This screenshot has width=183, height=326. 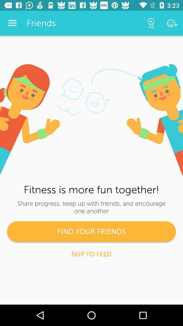 What do you see at coordinates (151, 23) in the screenshot?
I see `the item to the right of the friends` at bounding box center [151, 23].